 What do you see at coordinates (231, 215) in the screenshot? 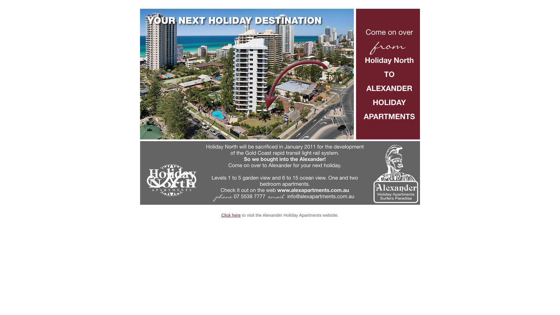
I see `'Click here'` at bounding box center [231, 215].